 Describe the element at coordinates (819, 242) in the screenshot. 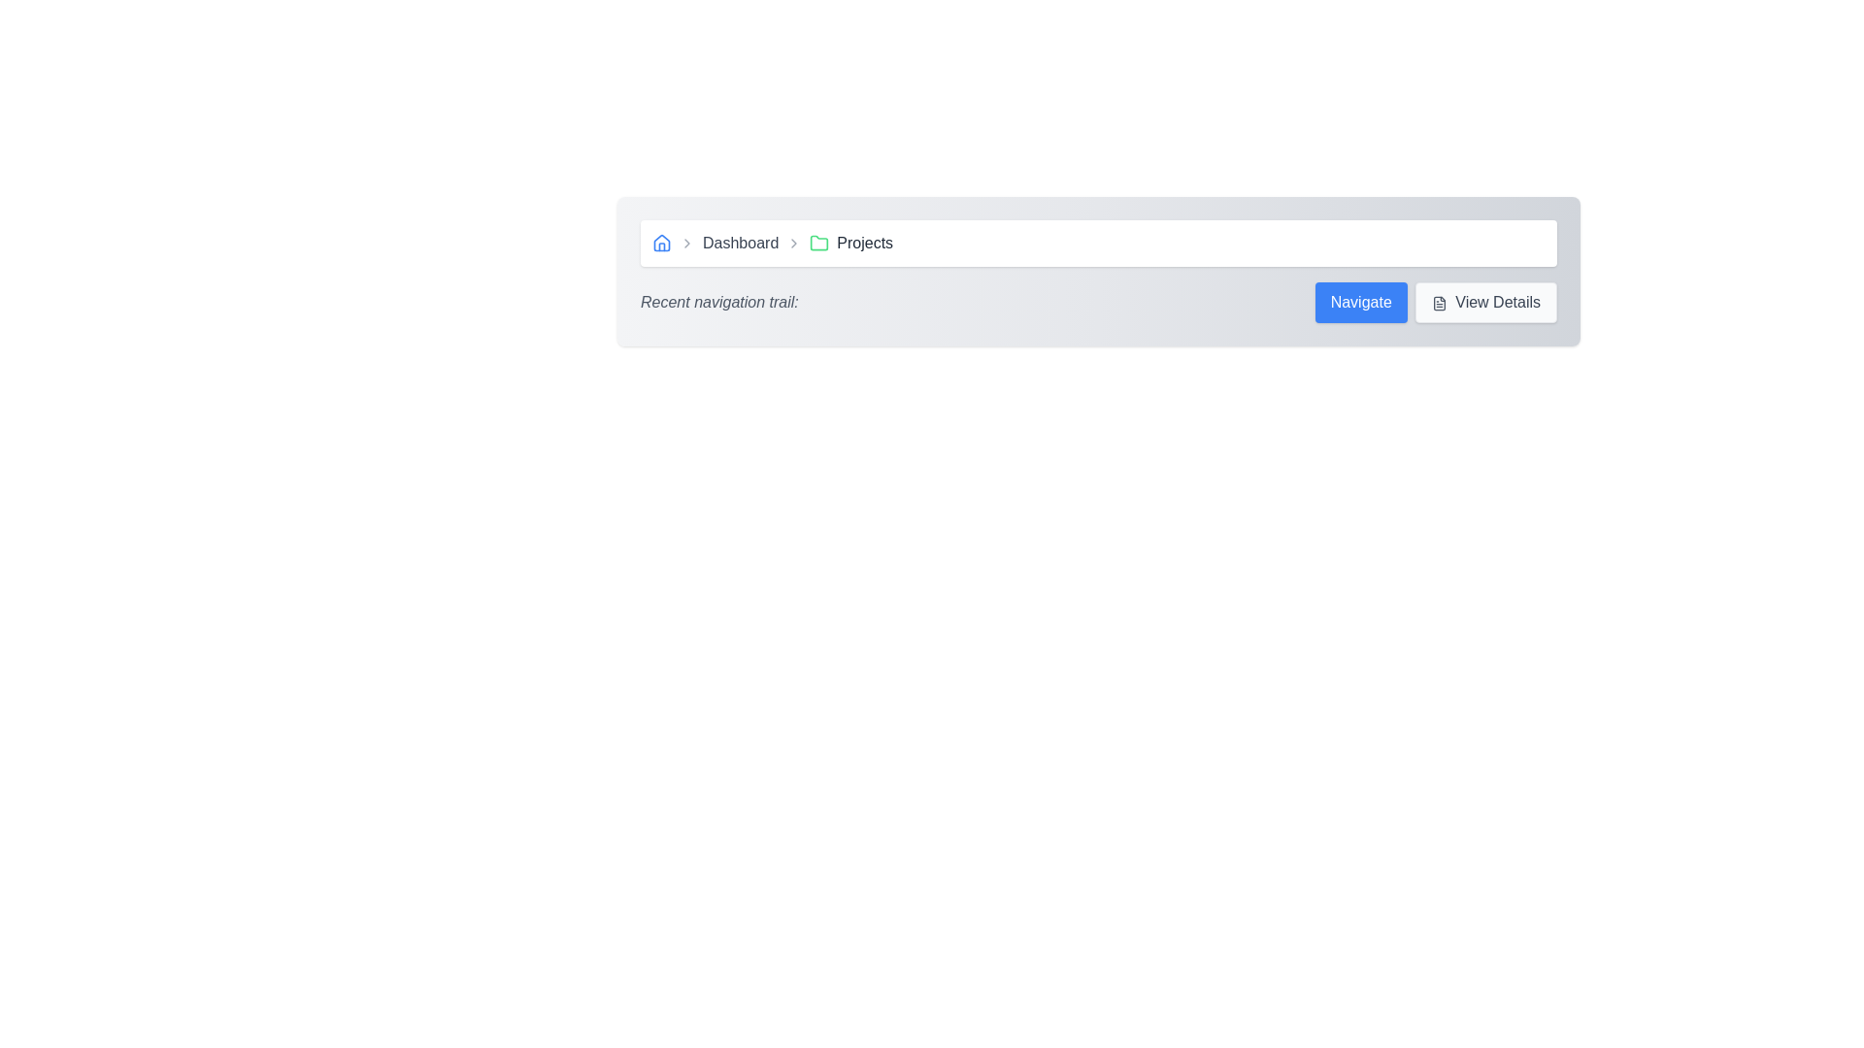

I see `the green folder icon located in the breadcrumb navigation bar, positioned between 'Dashboard' and 'Projects'` at that location.